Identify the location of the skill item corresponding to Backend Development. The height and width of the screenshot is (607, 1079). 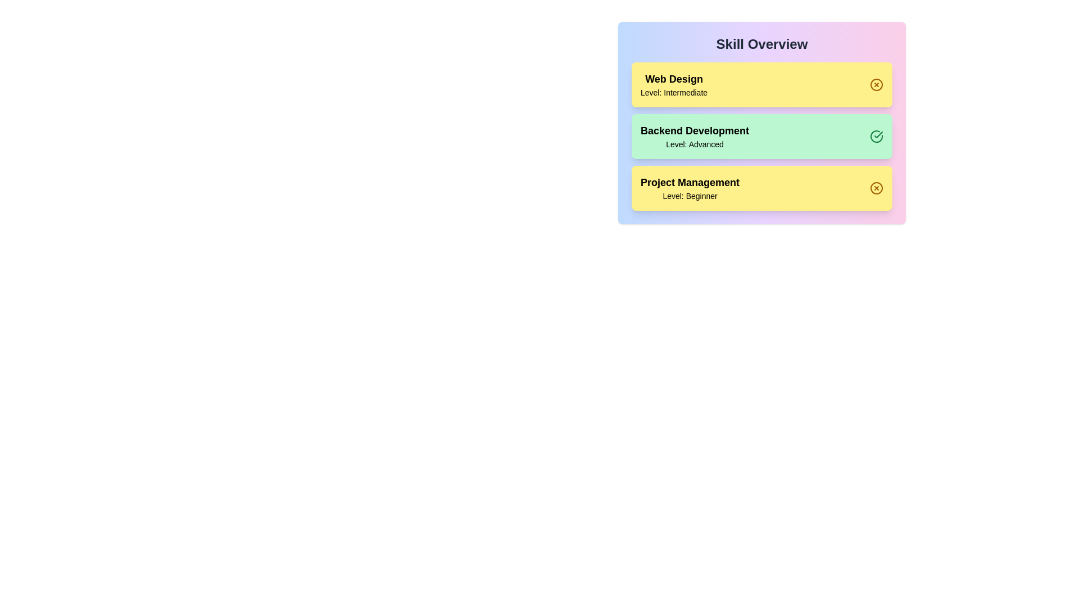
(762, 136).